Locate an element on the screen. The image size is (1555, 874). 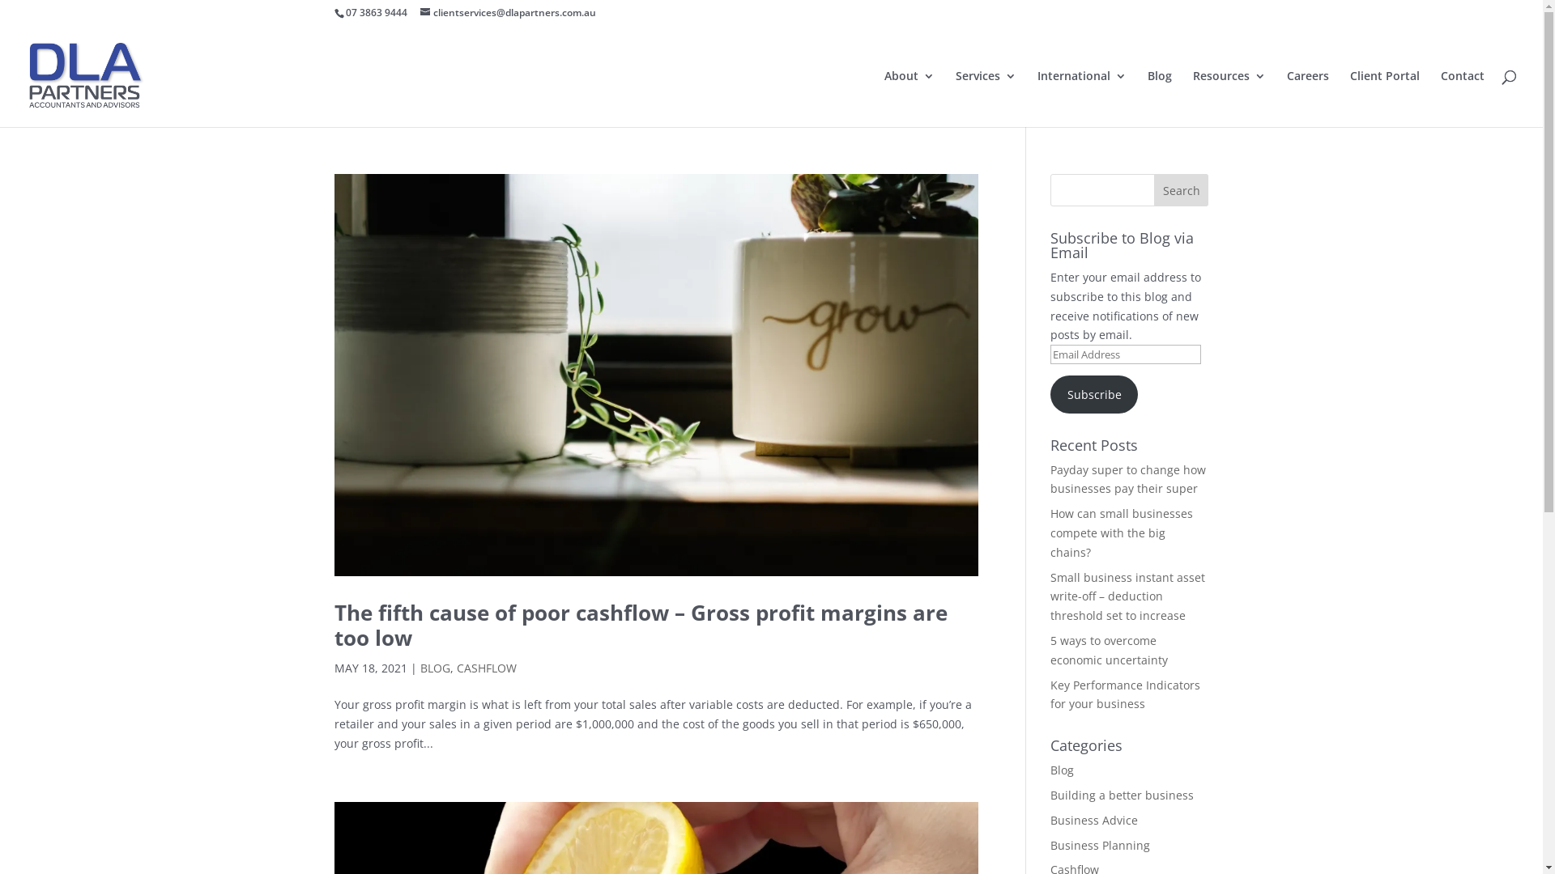
'Contact' is located at coordinates (1462, 99).